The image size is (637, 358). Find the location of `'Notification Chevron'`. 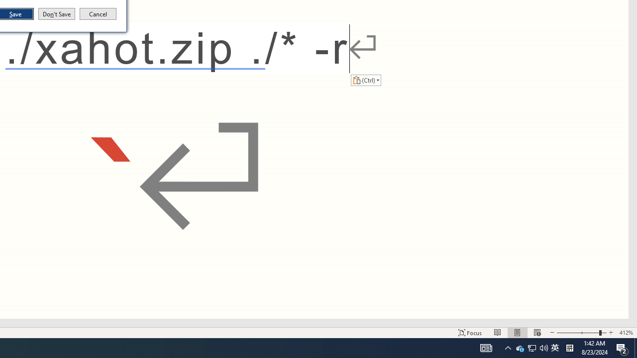

'Notification Chevron' is located at coordinates (508, 347).